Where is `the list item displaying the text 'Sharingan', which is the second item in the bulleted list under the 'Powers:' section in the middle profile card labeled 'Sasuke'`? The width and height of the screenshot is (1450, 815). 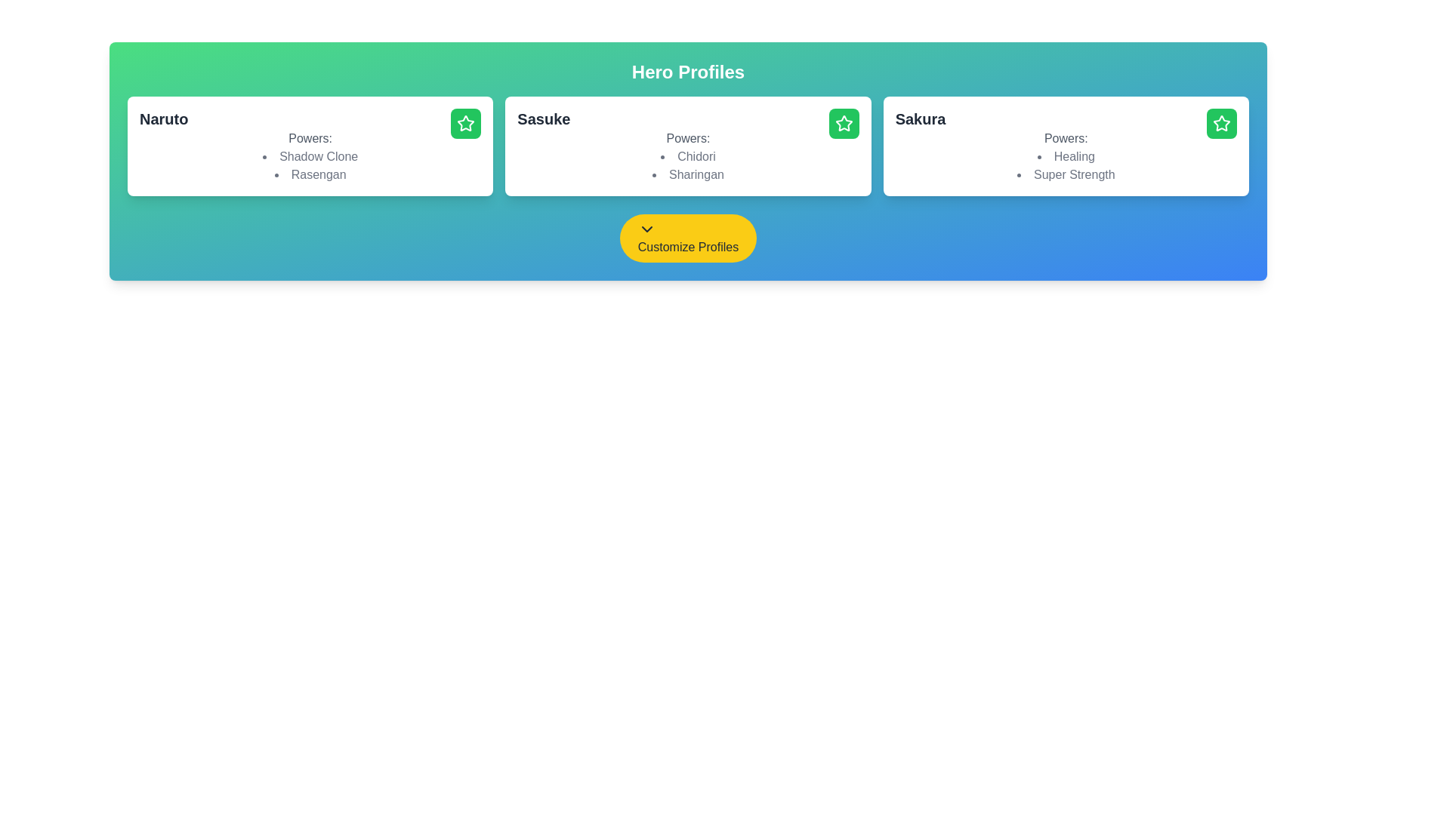 the list item displaying the text 'Sharingan', which is the second item in the bulleted list under the 'Powers:' section in the middle profile card labeled 'Sasuke' is located at coordinates (687, 174).